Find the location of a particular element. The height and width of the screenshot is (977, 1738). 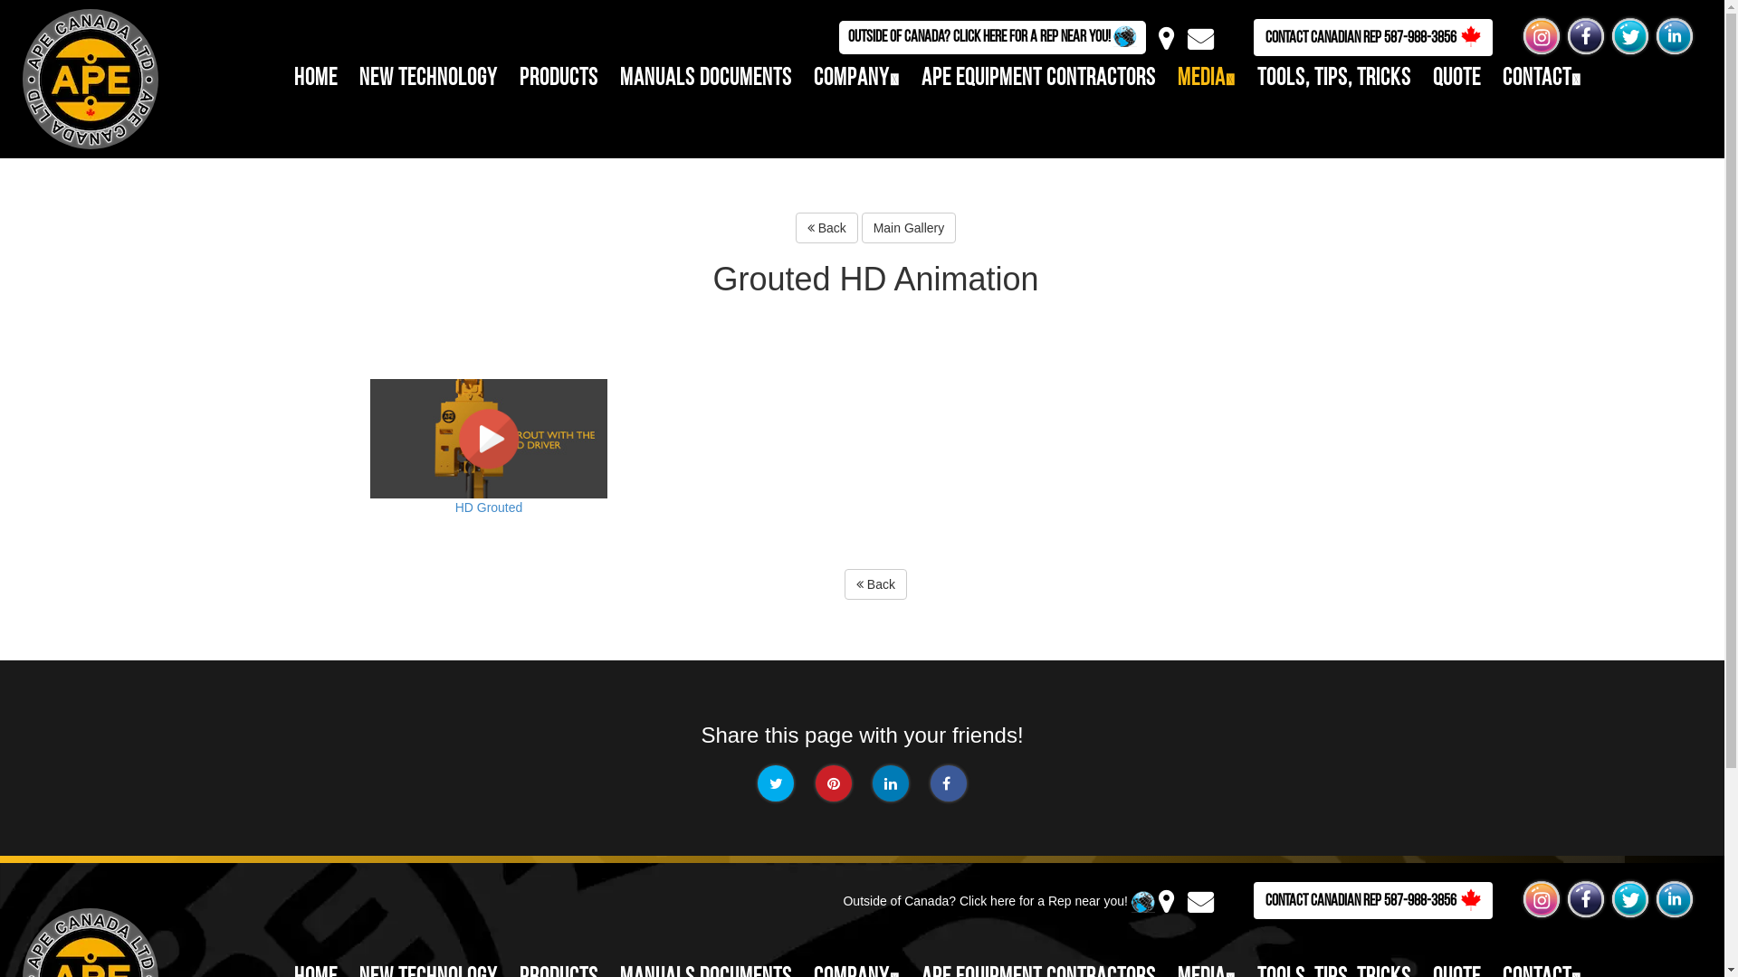

'New Technology' is located at coordinates (359, 78).